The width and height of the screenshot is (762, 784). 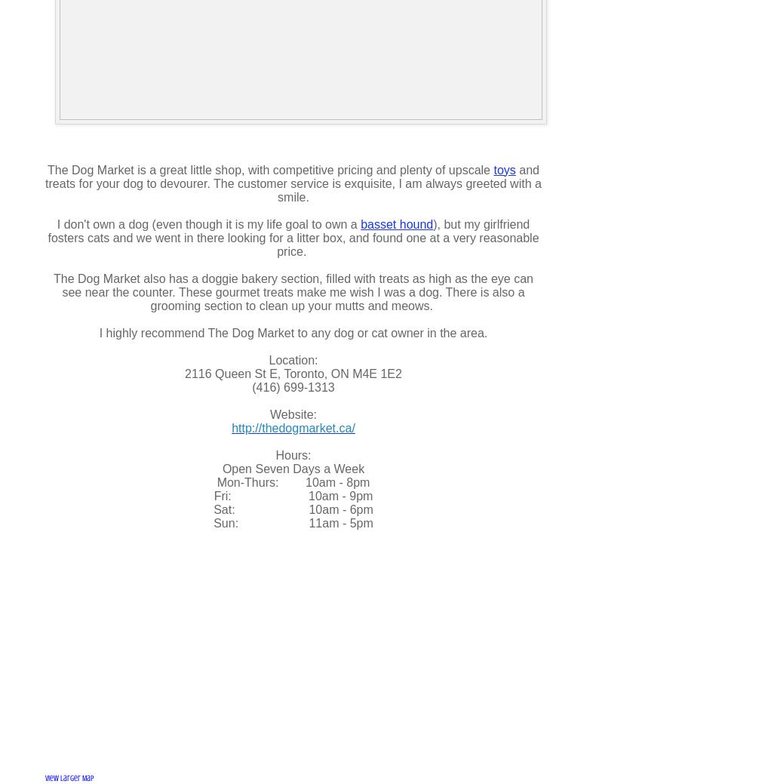 I want to click on 'basset hound', so click(x=396, y=223).